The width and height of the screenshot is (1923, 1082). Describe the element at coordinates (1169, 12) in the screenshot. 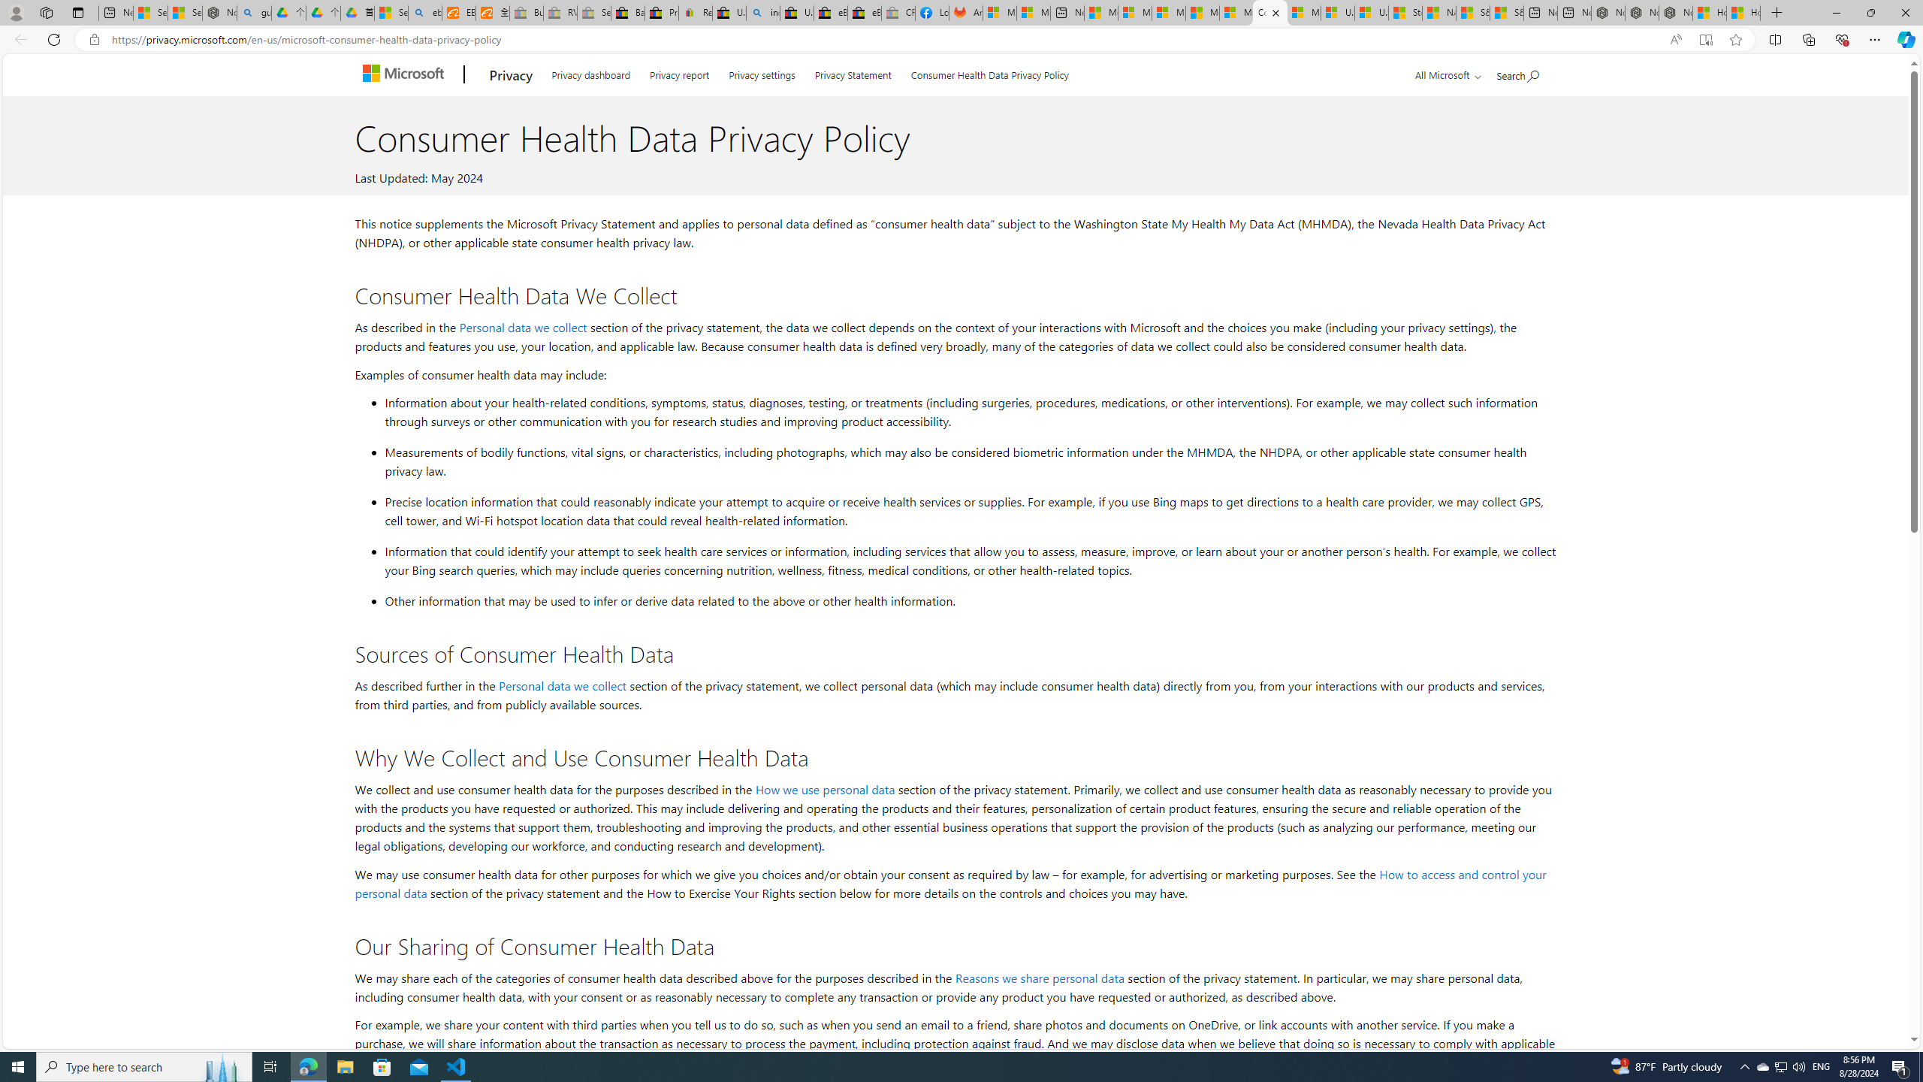

I see `'Microsoft account | Home'` at that location.